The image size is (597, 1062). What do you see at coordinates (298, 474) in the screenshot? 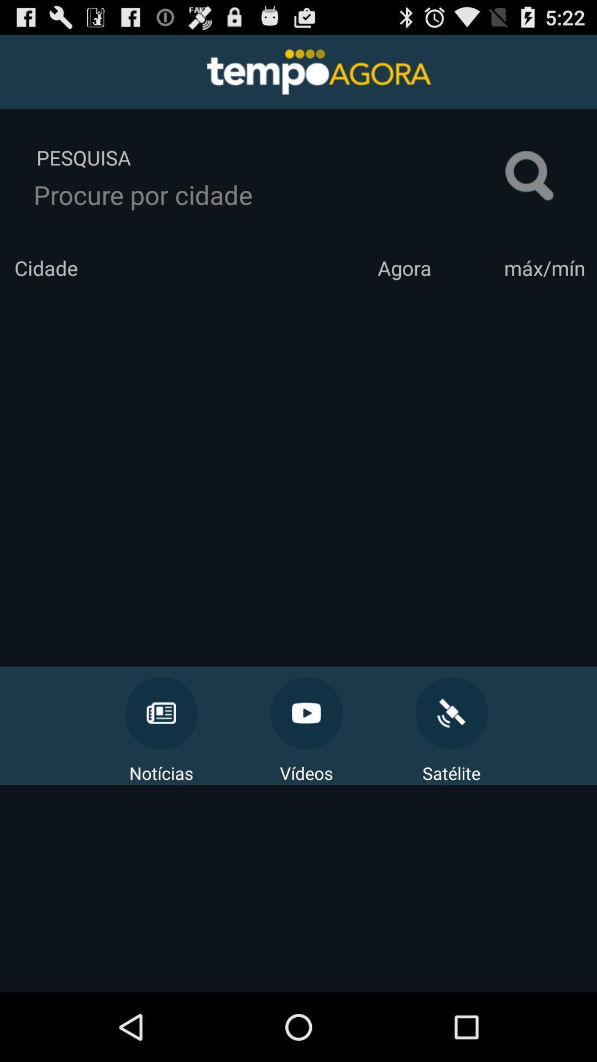
I see `the icon at the center` at bounding box center [298, 474].